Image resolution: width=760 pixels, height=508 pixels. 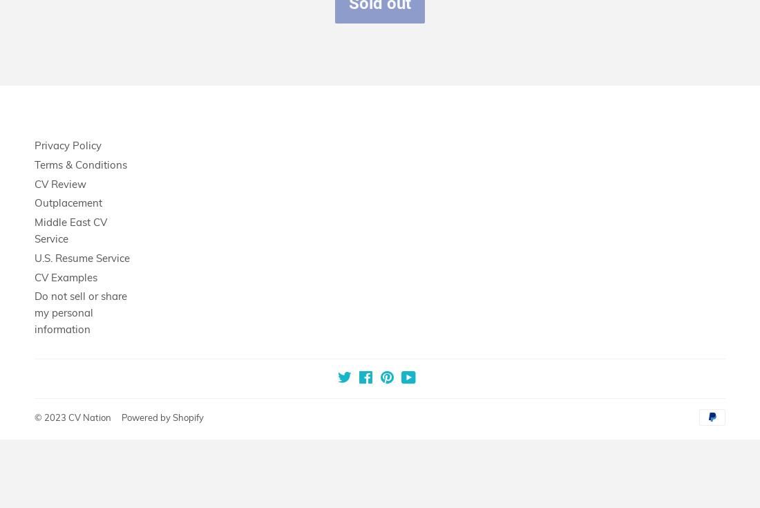 What do you see at coordinates (81, 312) in the screenshot?
I see `'Do not sell or share my personal information'` at bounding box center [81, 312].